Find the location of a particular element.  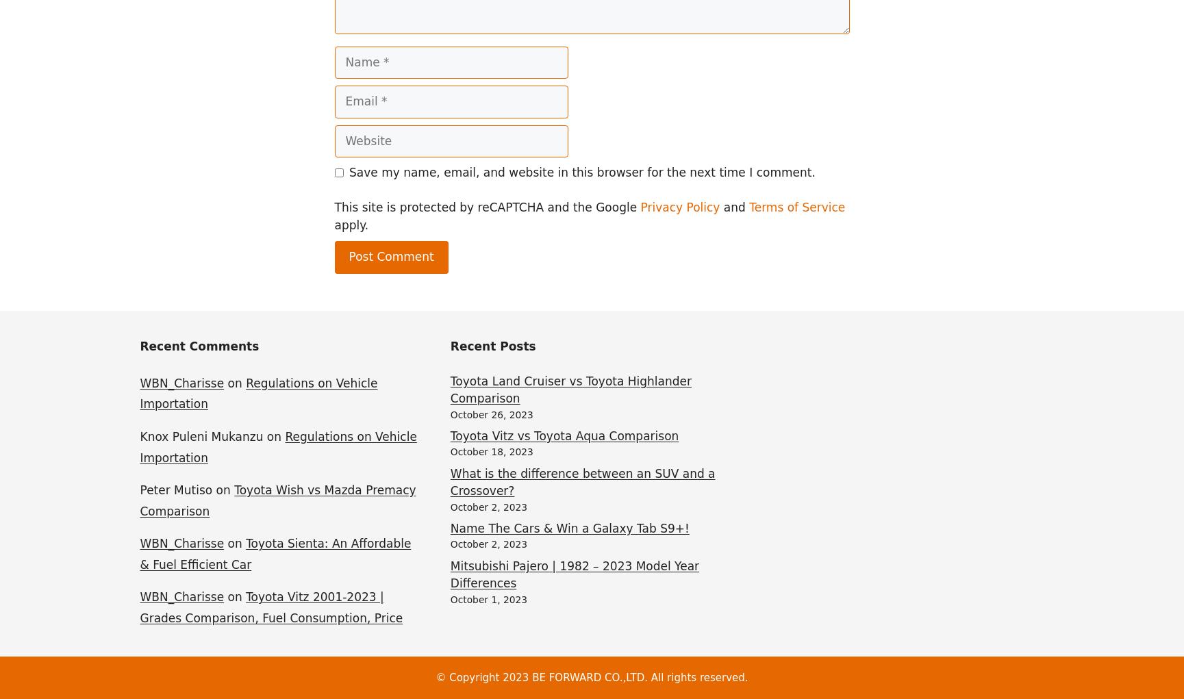

'Knox Puleni Mukanzu' is located at coordinates (201, 435).